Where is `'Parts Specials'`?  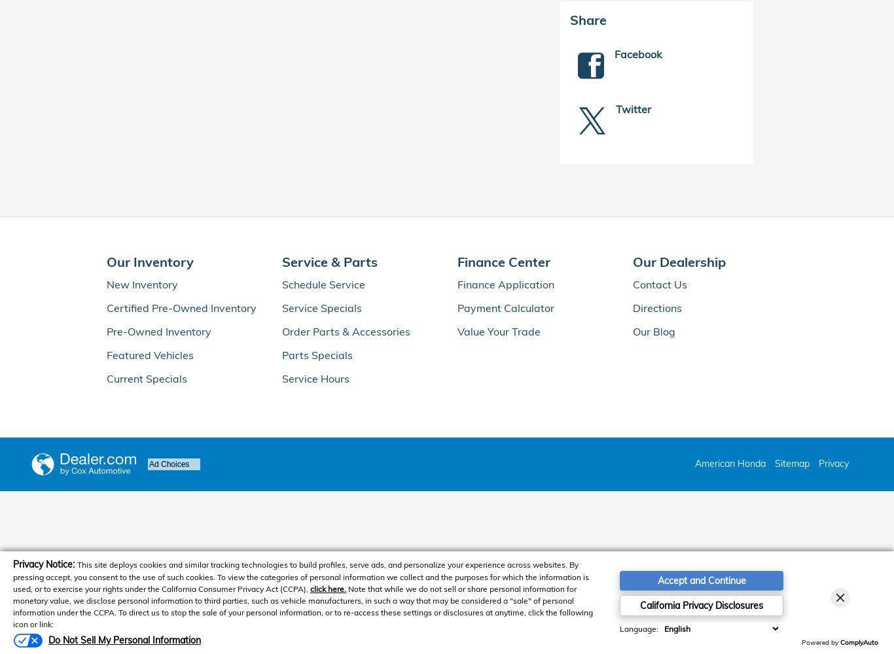 'Parts Specials' is located at coordinates (317, 354).